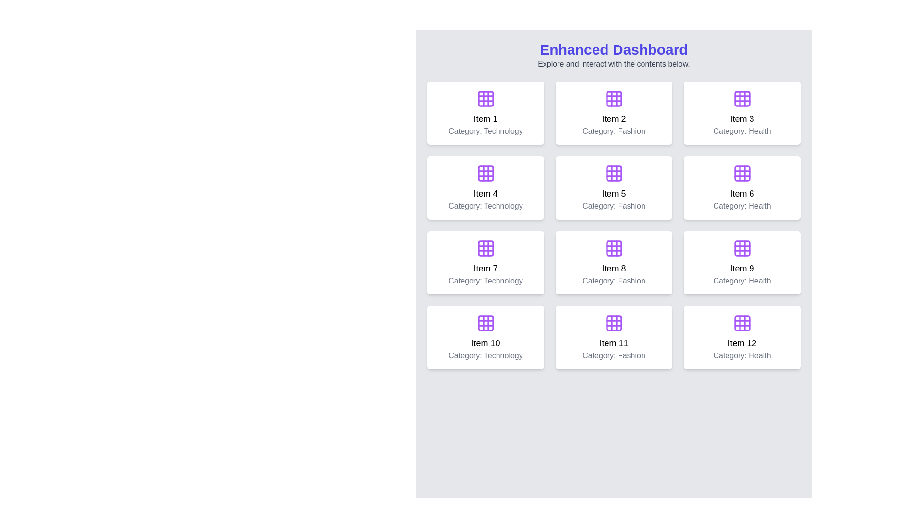 The height and width of the screenshot is (518, 922). I want to click on the SVG Square Element representing 'Category: Technology' in the second row of the grid layout on the dashboard, so click(485, 174).